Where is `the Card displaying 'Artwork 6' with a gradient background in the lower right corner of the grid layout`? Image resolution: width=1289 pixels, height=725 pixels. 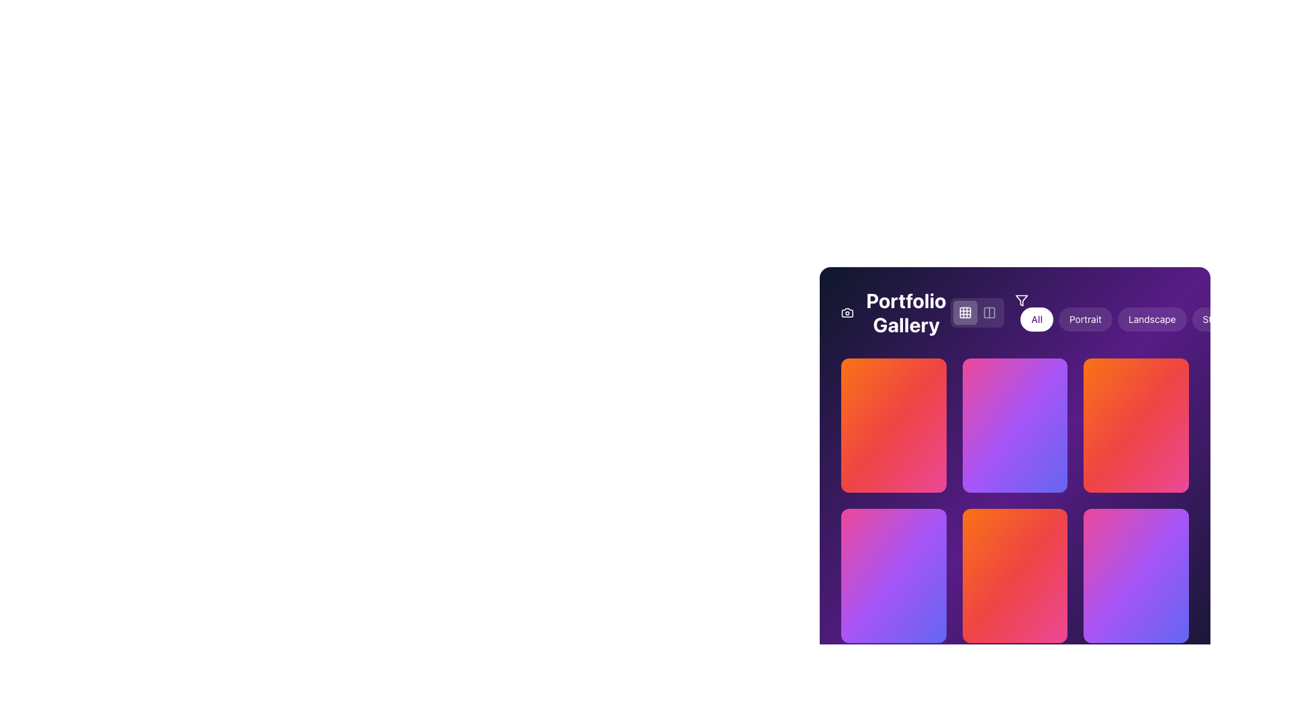 the Card displaying 'Artwork 6' with a gradient background in the lower right corner of the grid layout is located at coordinates (1135, 609).